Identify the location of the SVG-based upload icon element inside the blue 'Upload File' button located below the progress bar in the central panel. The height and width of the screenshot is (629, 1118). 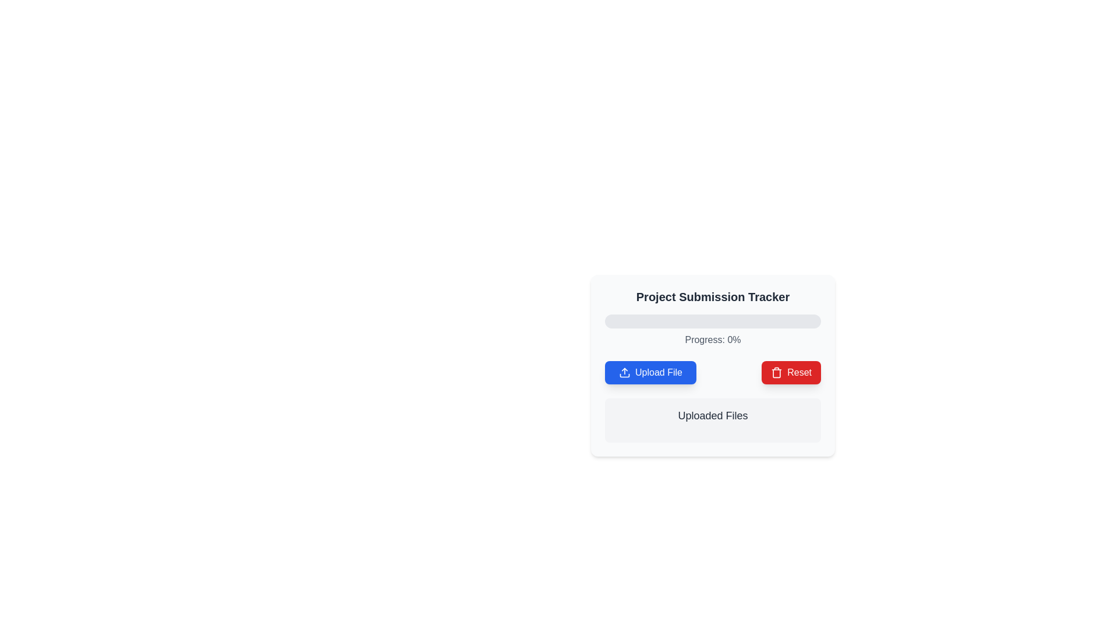
(624, 373).